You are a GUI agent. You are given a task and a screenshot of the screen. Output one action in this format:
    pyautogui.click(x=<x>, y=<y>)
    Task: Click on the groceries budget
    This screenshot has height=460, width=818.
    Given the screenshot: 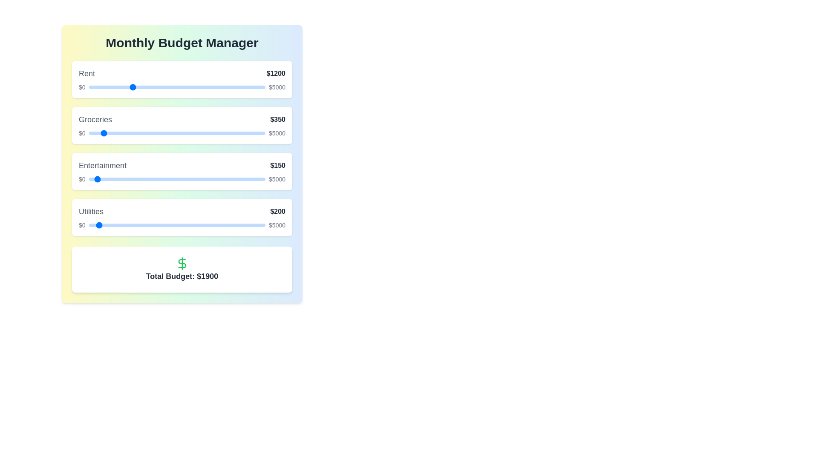 What is the action you would take?
    pyautogui.click(x=147, y=133)
    